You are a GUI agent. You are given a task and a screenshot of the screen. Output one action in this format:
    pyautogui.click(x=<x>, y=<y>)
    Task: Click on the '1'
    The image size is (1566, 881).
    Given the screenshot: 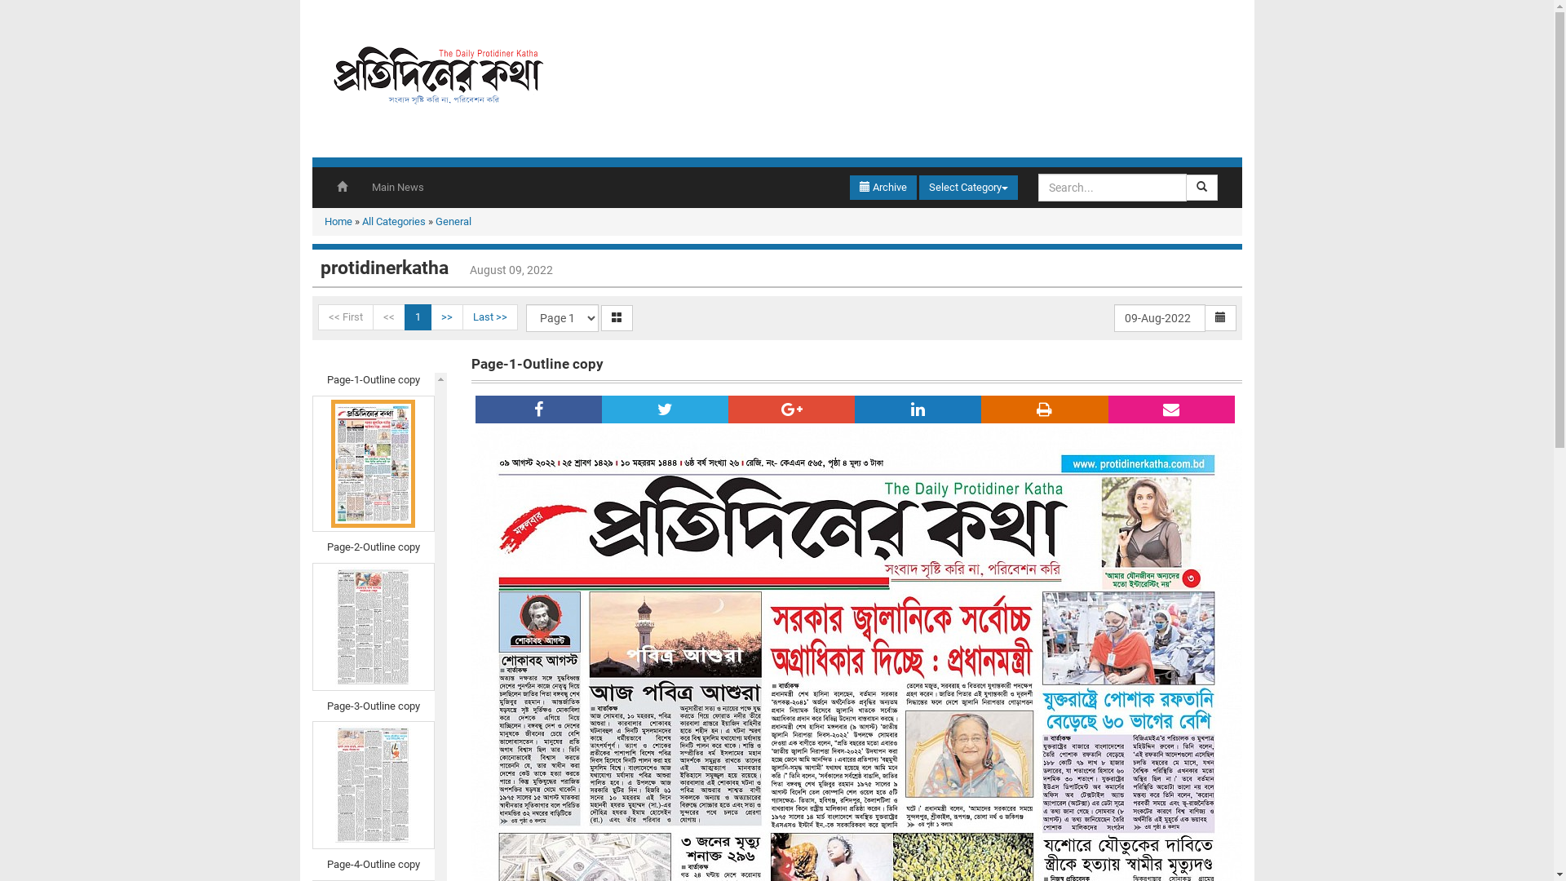 What is the action you would take?
    pyautogui.click(x=418, y=317)
    